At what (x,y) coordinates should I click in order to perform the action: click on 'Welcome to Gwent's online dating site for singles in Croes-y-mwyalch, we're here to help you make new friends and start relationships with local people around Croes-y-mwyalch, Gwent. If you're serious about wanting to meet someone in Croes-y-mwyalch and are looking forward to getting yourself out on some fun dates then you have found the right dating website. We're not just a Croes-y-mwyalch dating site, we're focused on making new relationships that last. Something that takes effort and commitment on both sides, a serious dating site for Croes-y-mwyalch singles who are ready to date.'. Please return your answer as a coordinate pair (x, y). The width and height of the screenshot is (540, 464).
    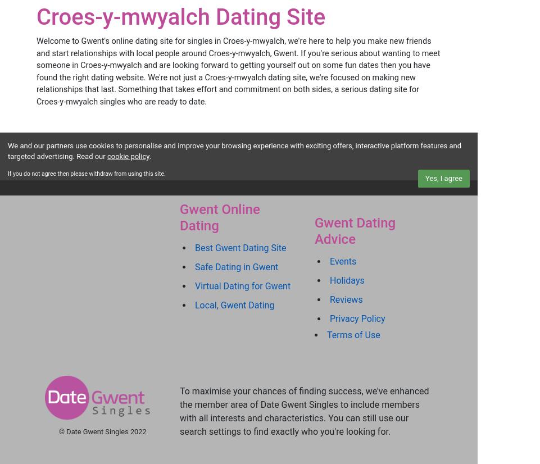
    Looking at the image, I should click on (238, 71).